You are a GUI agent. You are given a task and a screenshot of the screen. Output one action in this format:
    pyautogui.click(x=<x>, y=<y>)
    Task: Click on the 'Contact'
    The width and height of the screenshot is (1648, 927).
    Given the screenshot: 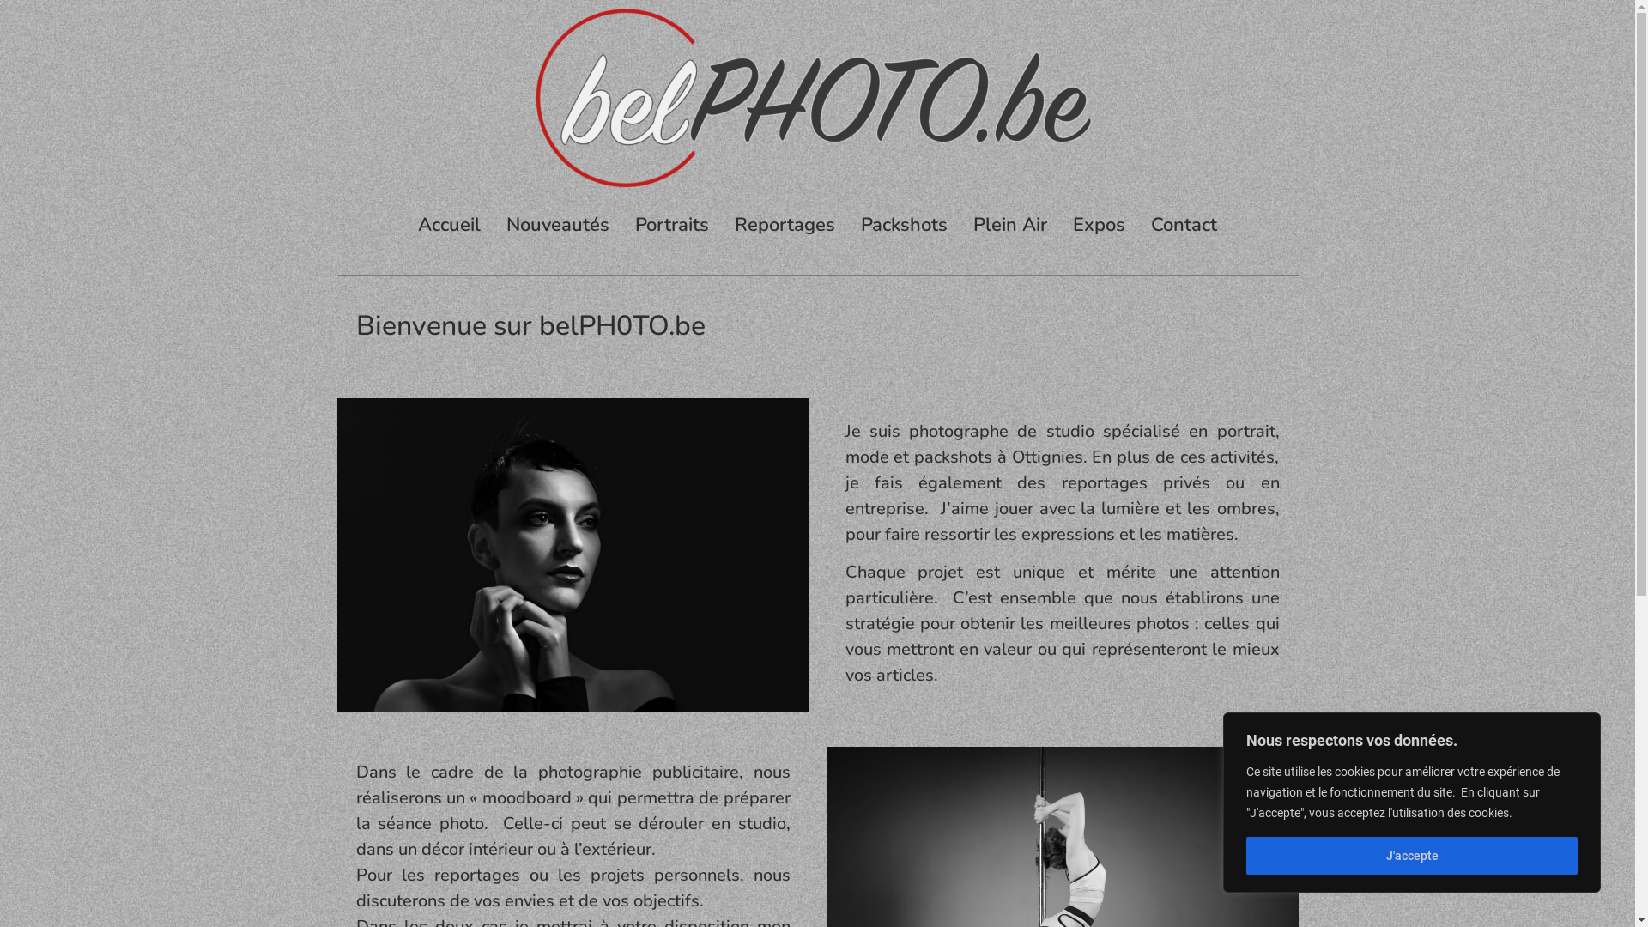 What is the action you would take?
    pyautogui.click(x=1183, y=224)
    